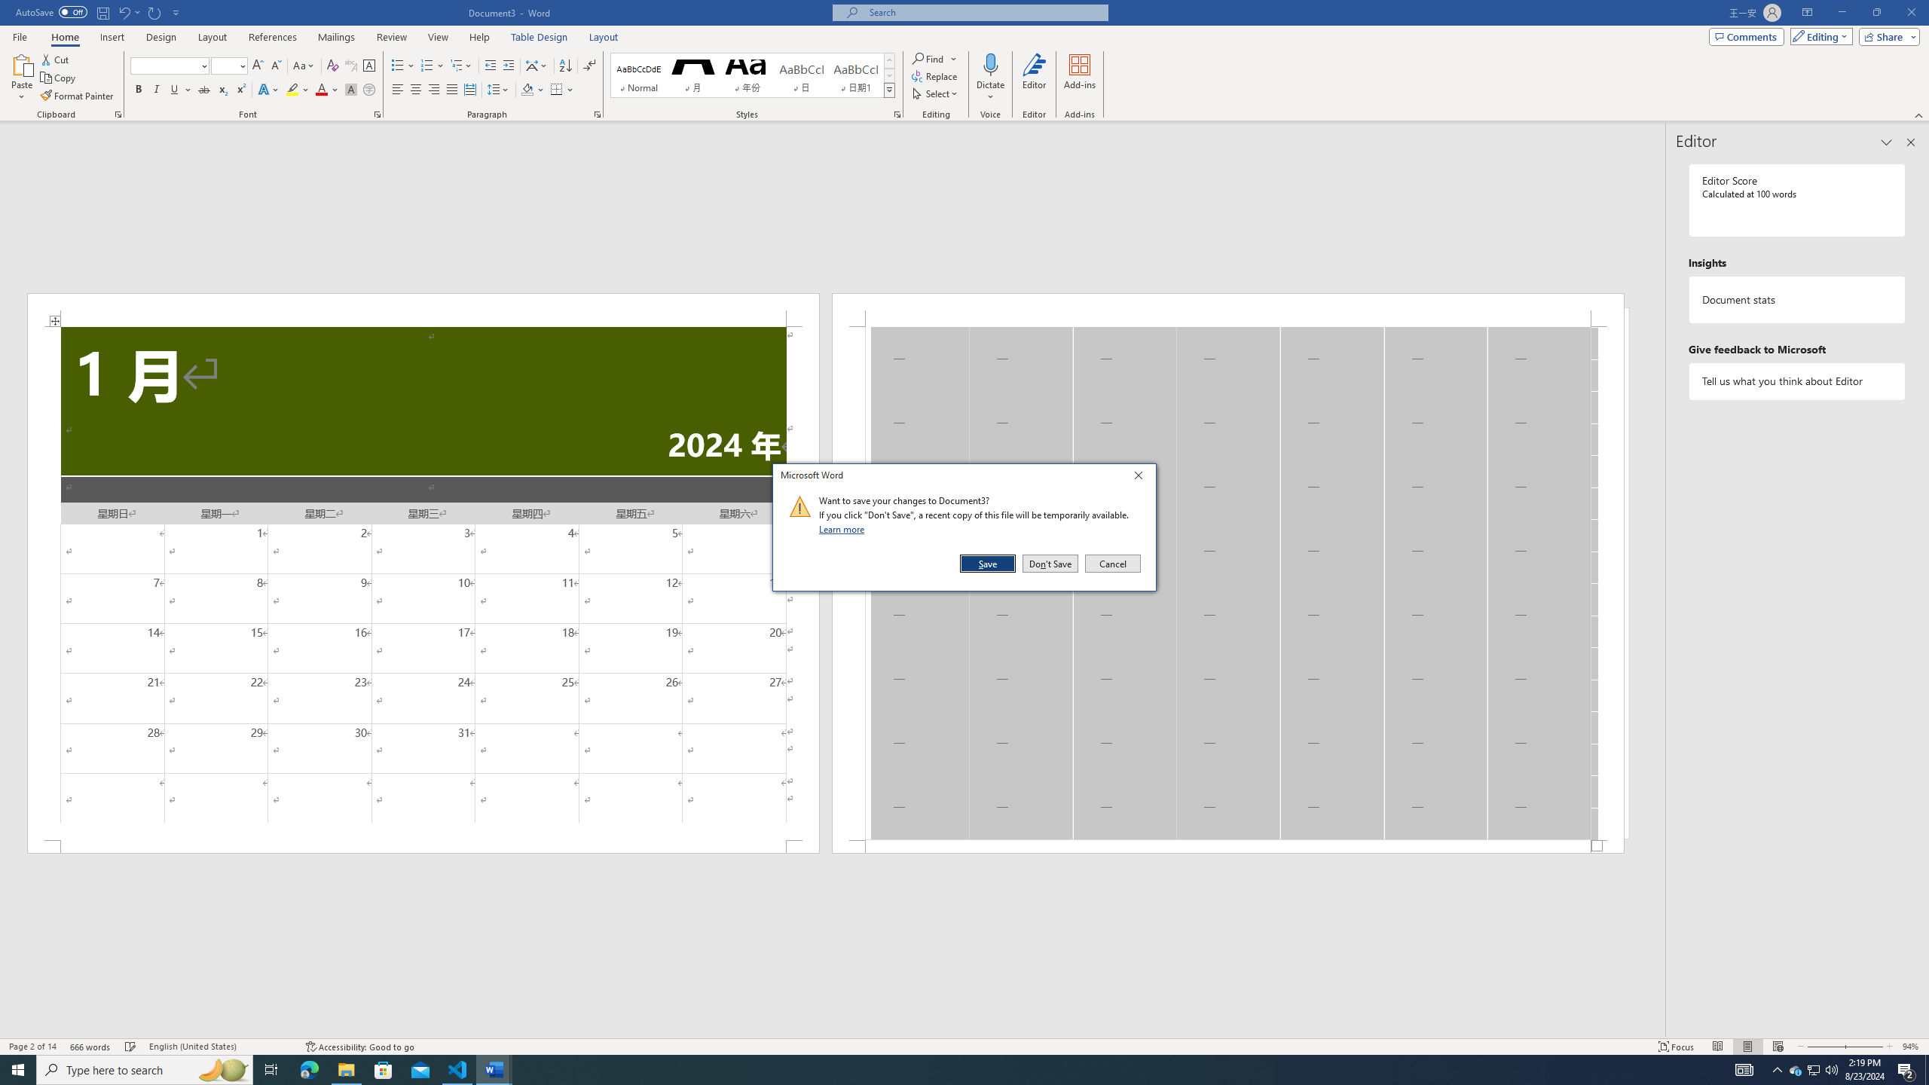  What do you see at coordinates (500, 89) in the screenshot?
I see `'Line and Paragraph Spacing'` at bounding box center [500, 89].